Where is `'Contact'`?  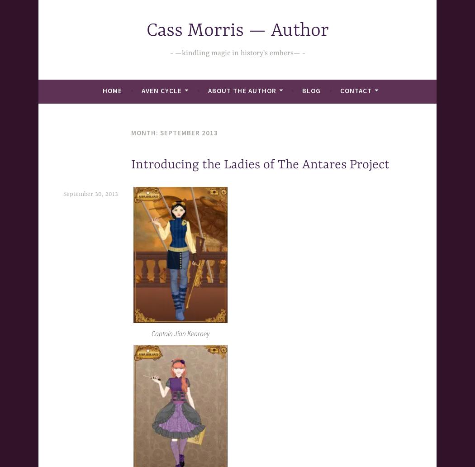 'Contact' is located at coordinates (356, 90).